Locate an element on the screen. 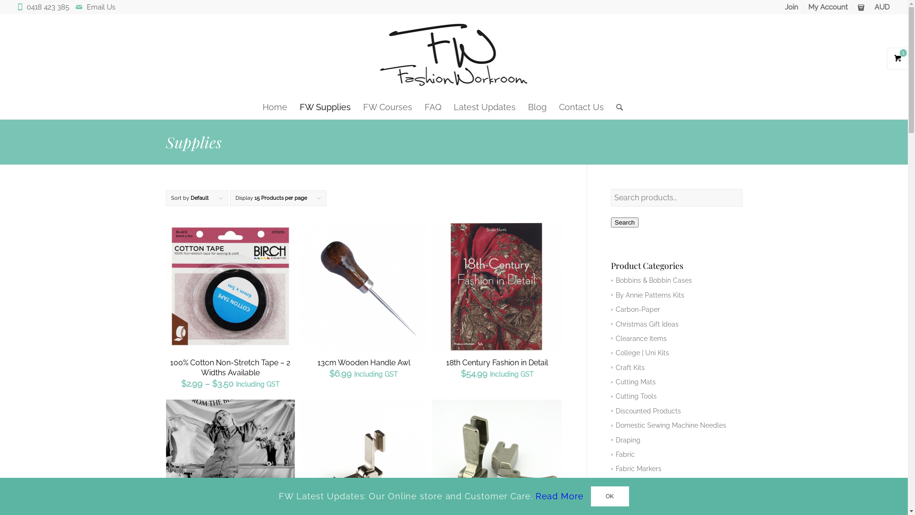 The image size is (915, 515). 'Bobbins & Bobbin Cases' is located at coordinates (651, 279).